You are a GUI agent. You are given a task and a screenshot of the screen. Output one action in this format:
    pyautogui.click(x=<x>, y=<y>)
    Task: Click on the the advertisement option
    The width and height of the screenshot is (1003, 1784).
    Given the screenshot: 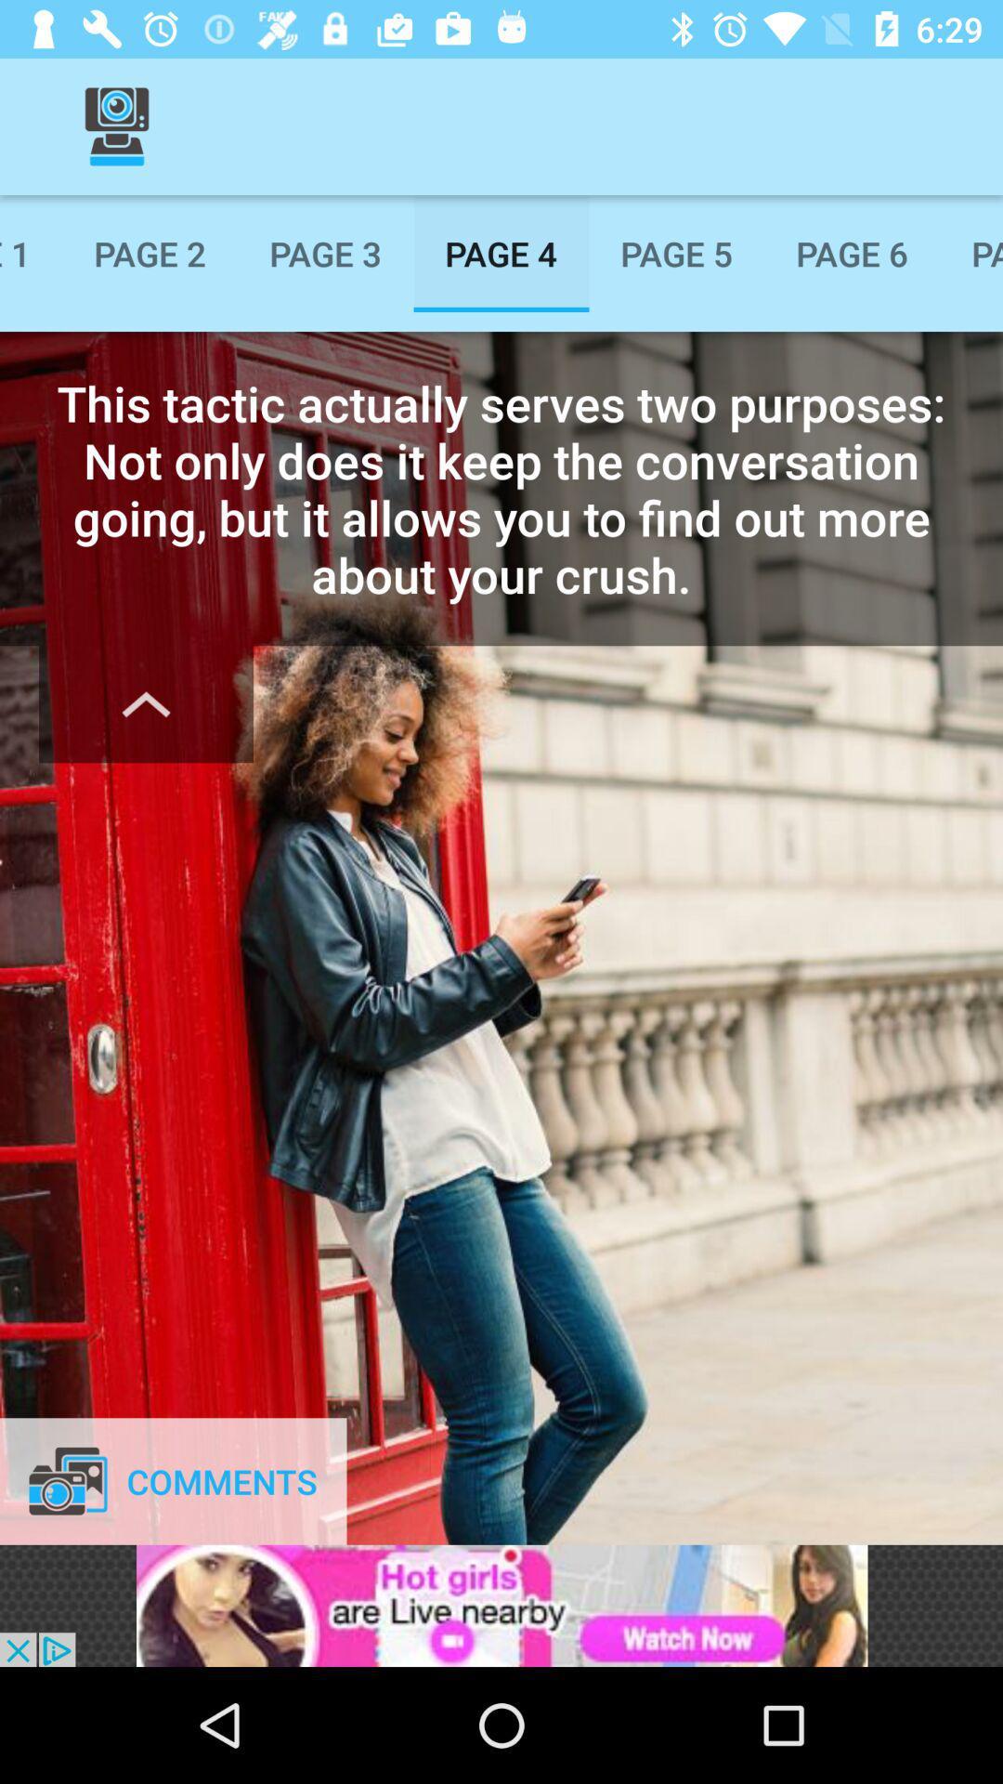 What is the action you would take?
    pyautogui.click(x=501, y=1605)
    